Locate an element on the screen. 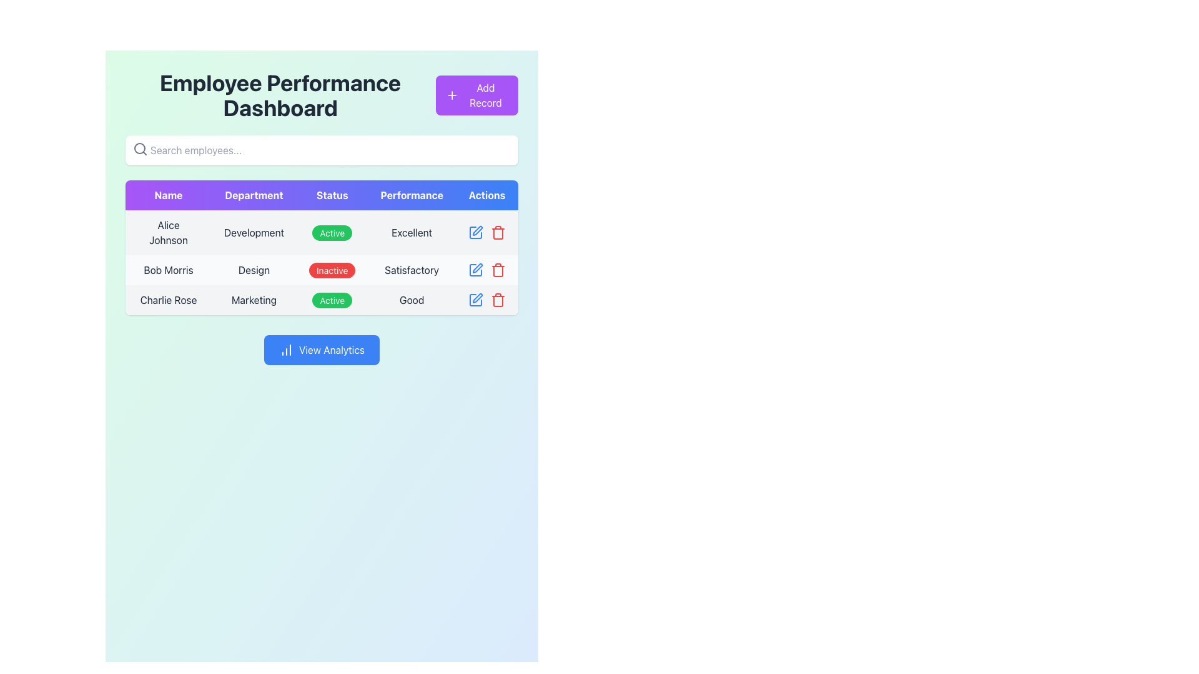 The image size is (1199, 674). the static text element serving as the table header located at the top-right of the table, which is the last column titled 'Actions' is located at coordinates (486, 195).